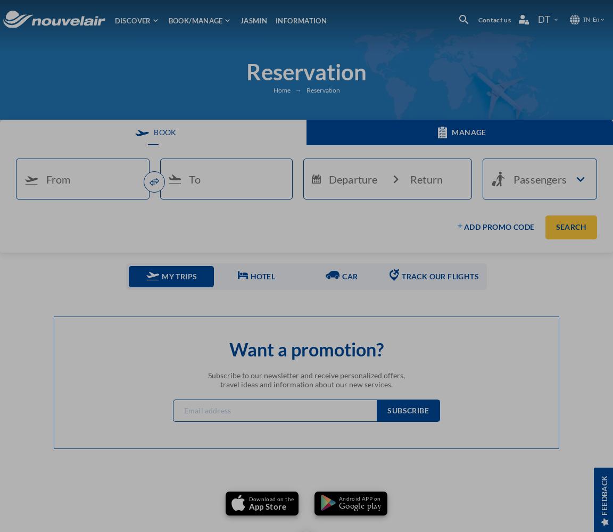  I want to click on 'Departure', so click(352, 178).